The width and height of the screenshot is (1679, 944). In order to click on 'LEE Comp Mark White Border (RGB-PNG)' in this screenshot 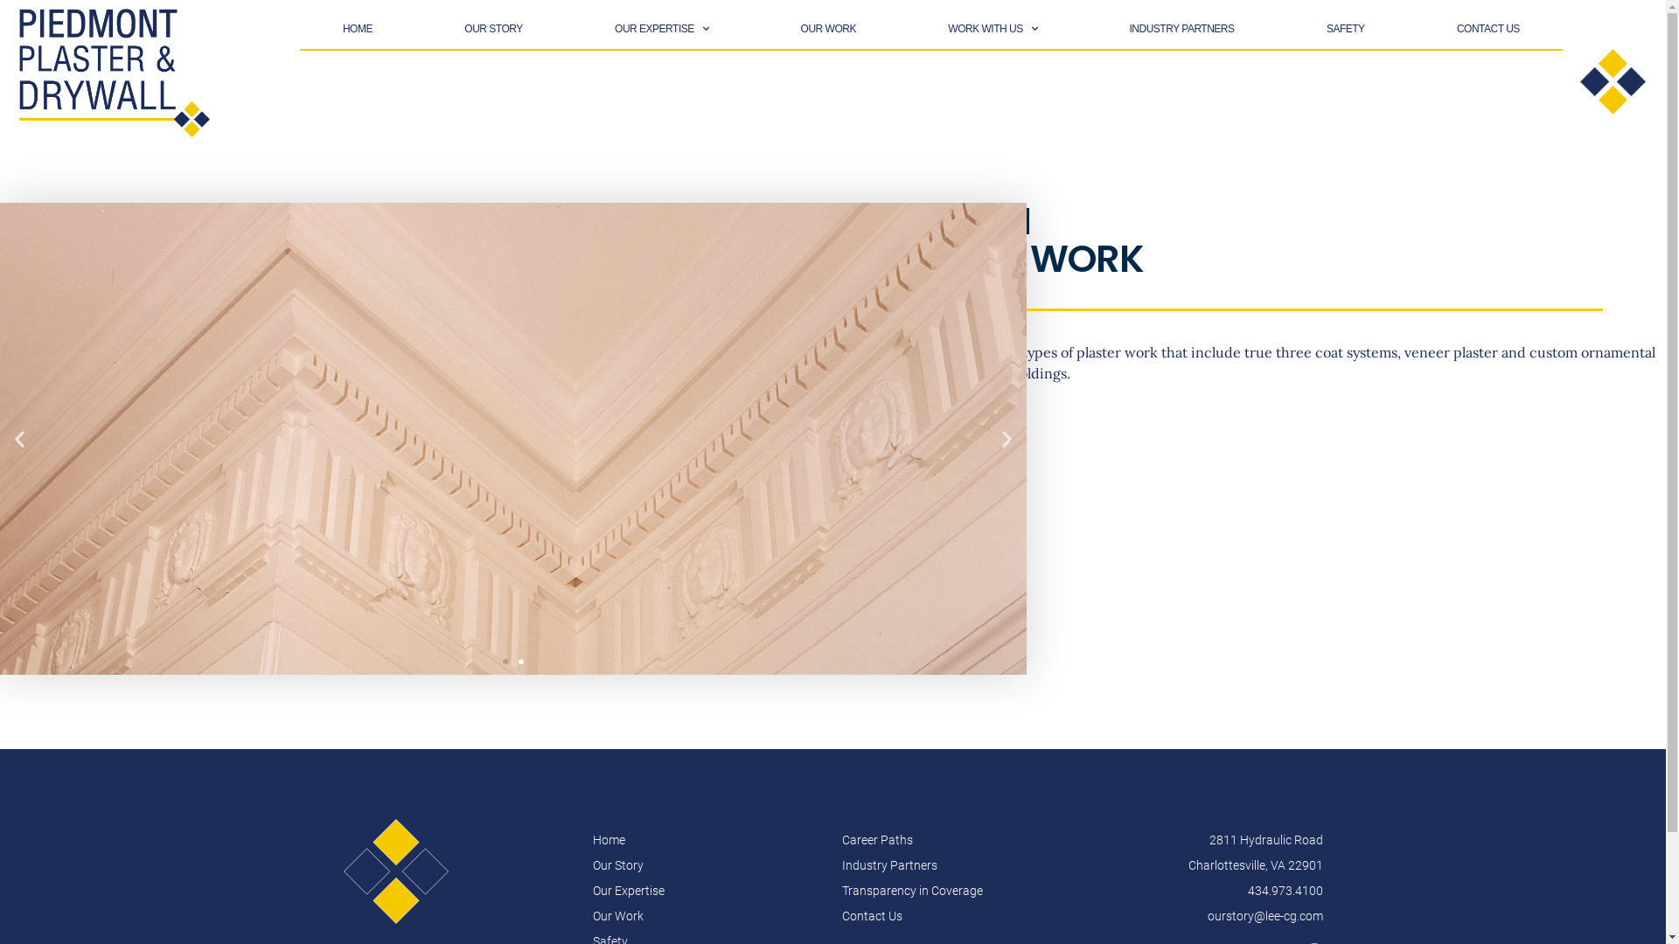, I will do `click(343, 871)`.